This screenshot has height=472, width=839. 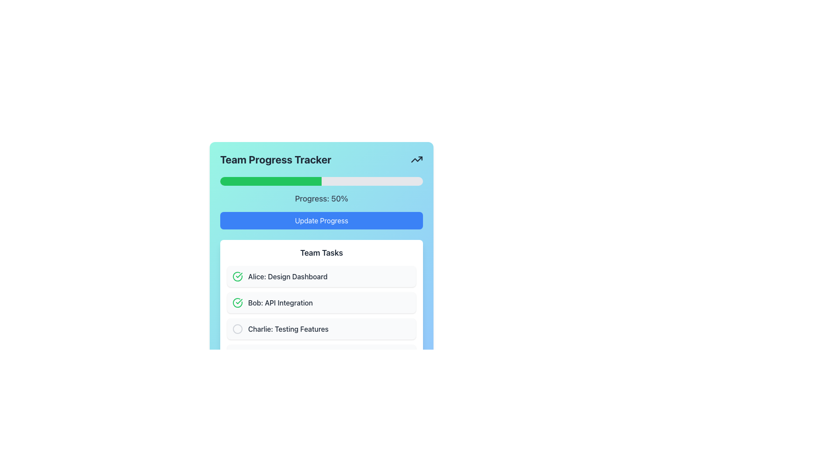 What do you see at coordinates (237, 329) in the screenshot?
I see `the circular icon with a gray outline located to the left of the text 'Charlie: Testing Features'` at bounding box center [237, 329].